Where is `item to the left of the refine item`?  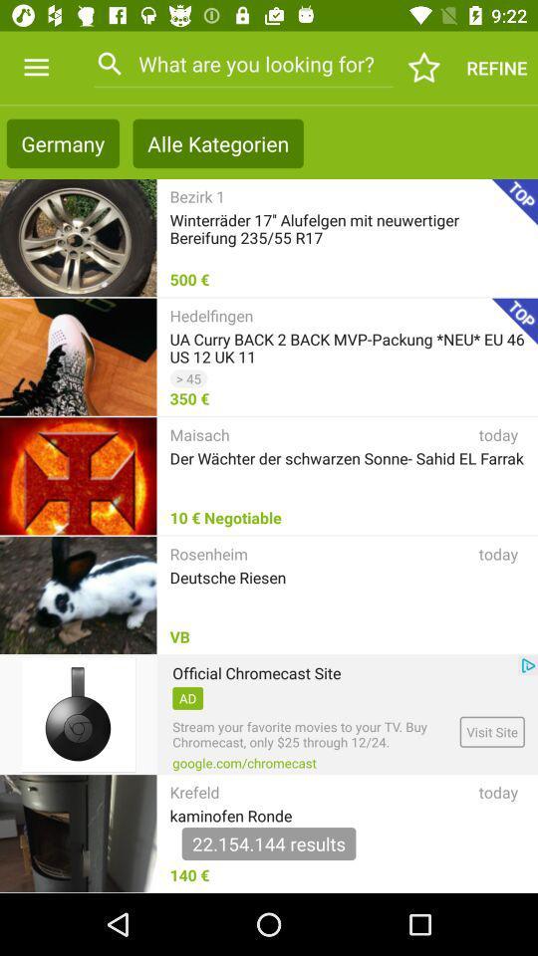
item to the left of the refine item is located at coordinates (423, 68).